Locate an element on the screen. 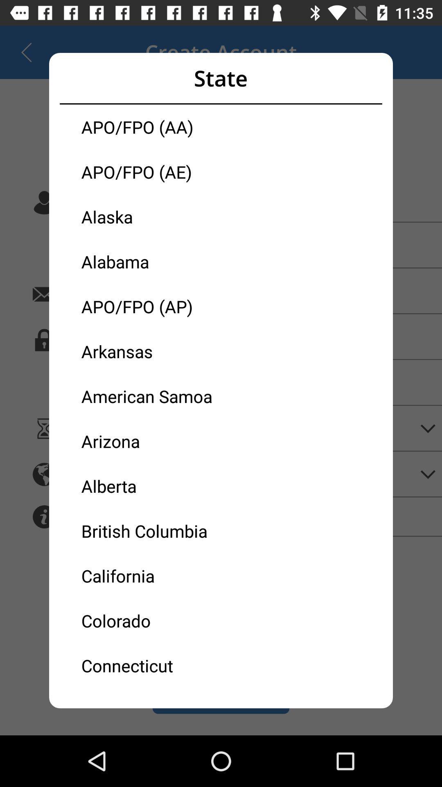  the item below the alaska icon is located at coordinates (151, 261).